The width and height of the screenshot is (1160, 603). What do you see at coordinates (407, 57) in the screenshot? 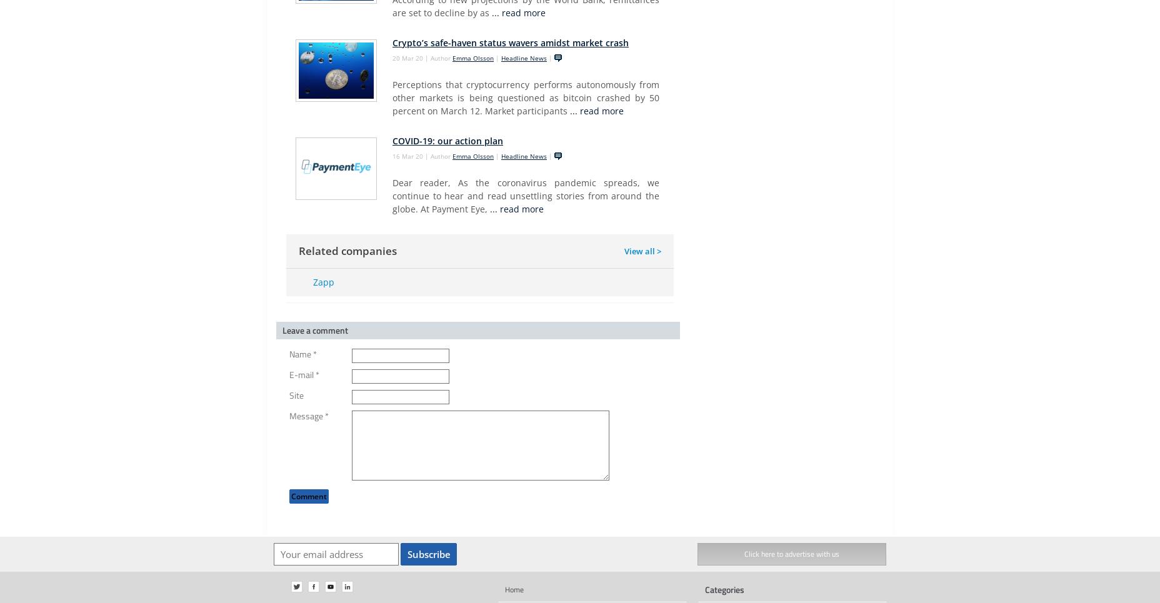
I see `'20 Mar 20'` at bounding box center [407, 57].